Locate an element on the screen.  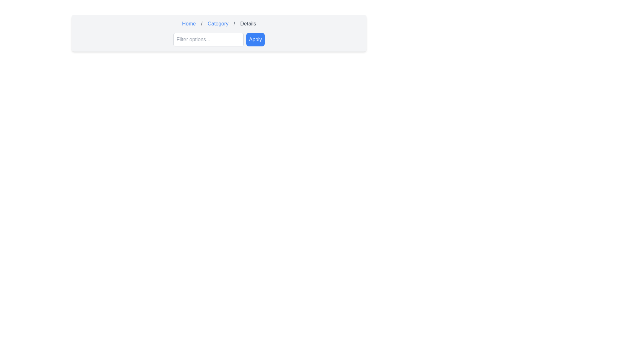
the 'Category' hyperlink in the breadcrumb navigation is located at coordinates (218, 23).